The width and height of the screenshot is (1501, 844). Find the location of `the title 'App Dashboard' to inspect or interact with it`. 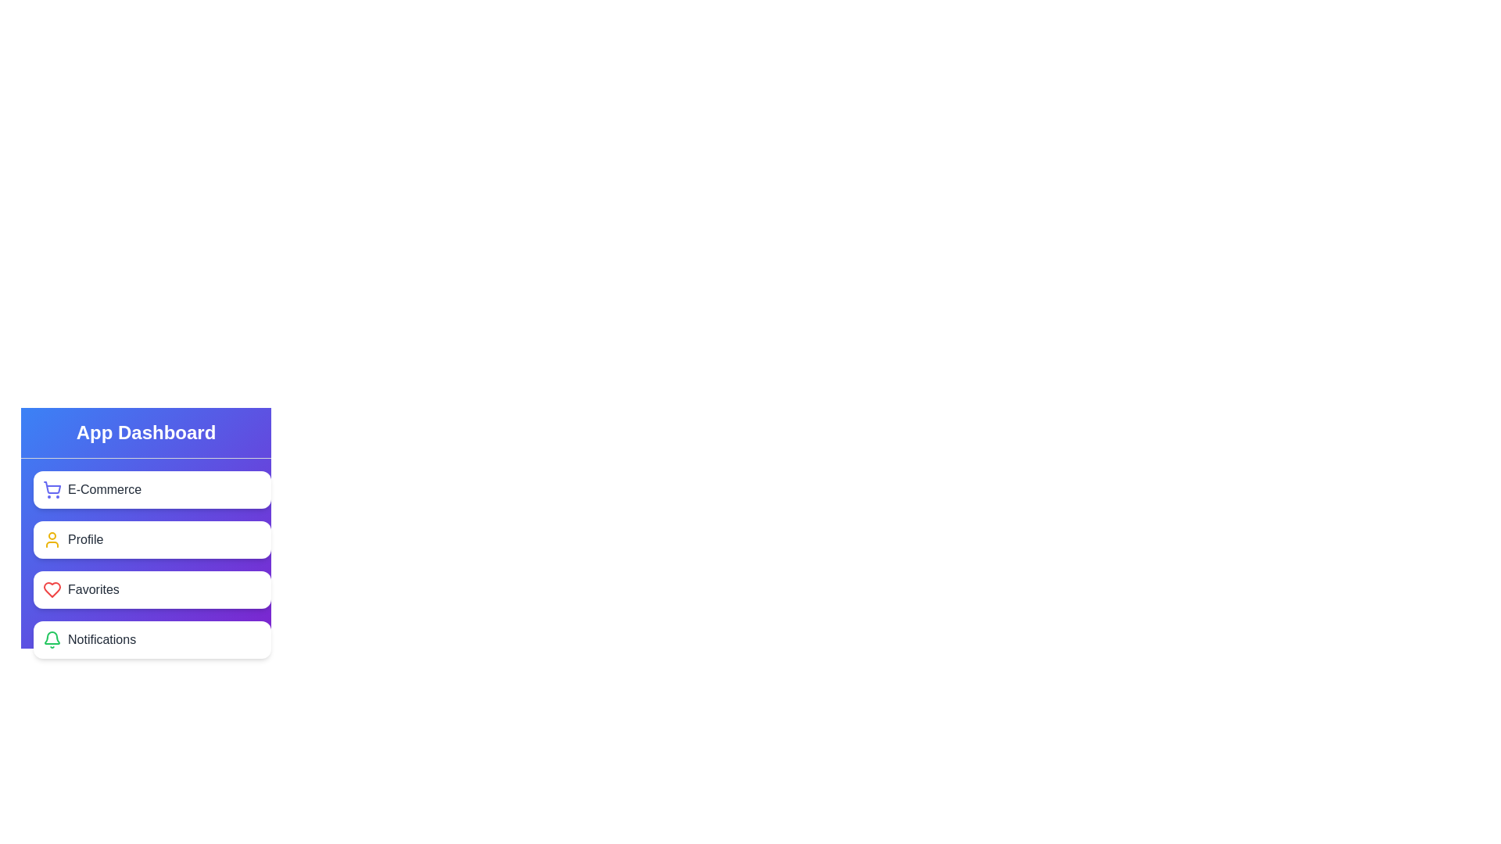

the title 'App Dashboard' to inspect or interact with it is located at coordinates (146, 433).